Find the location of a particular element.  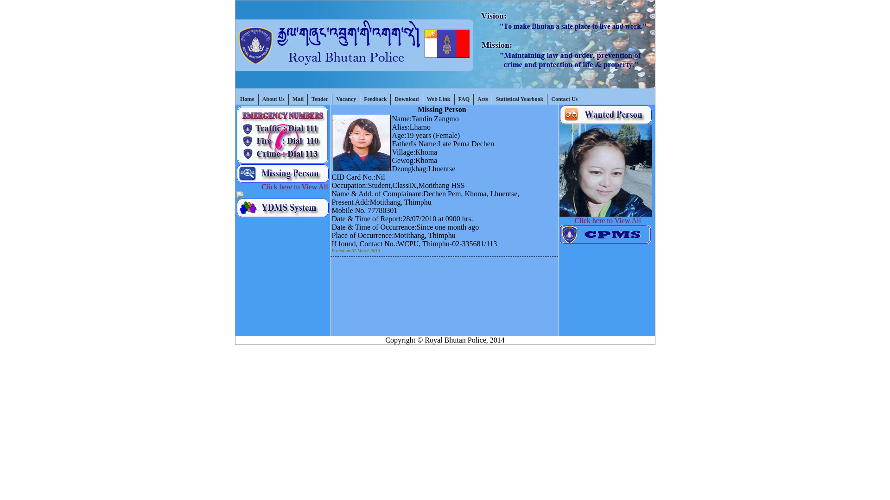

'Tender' is located at coordinates (320, 99).